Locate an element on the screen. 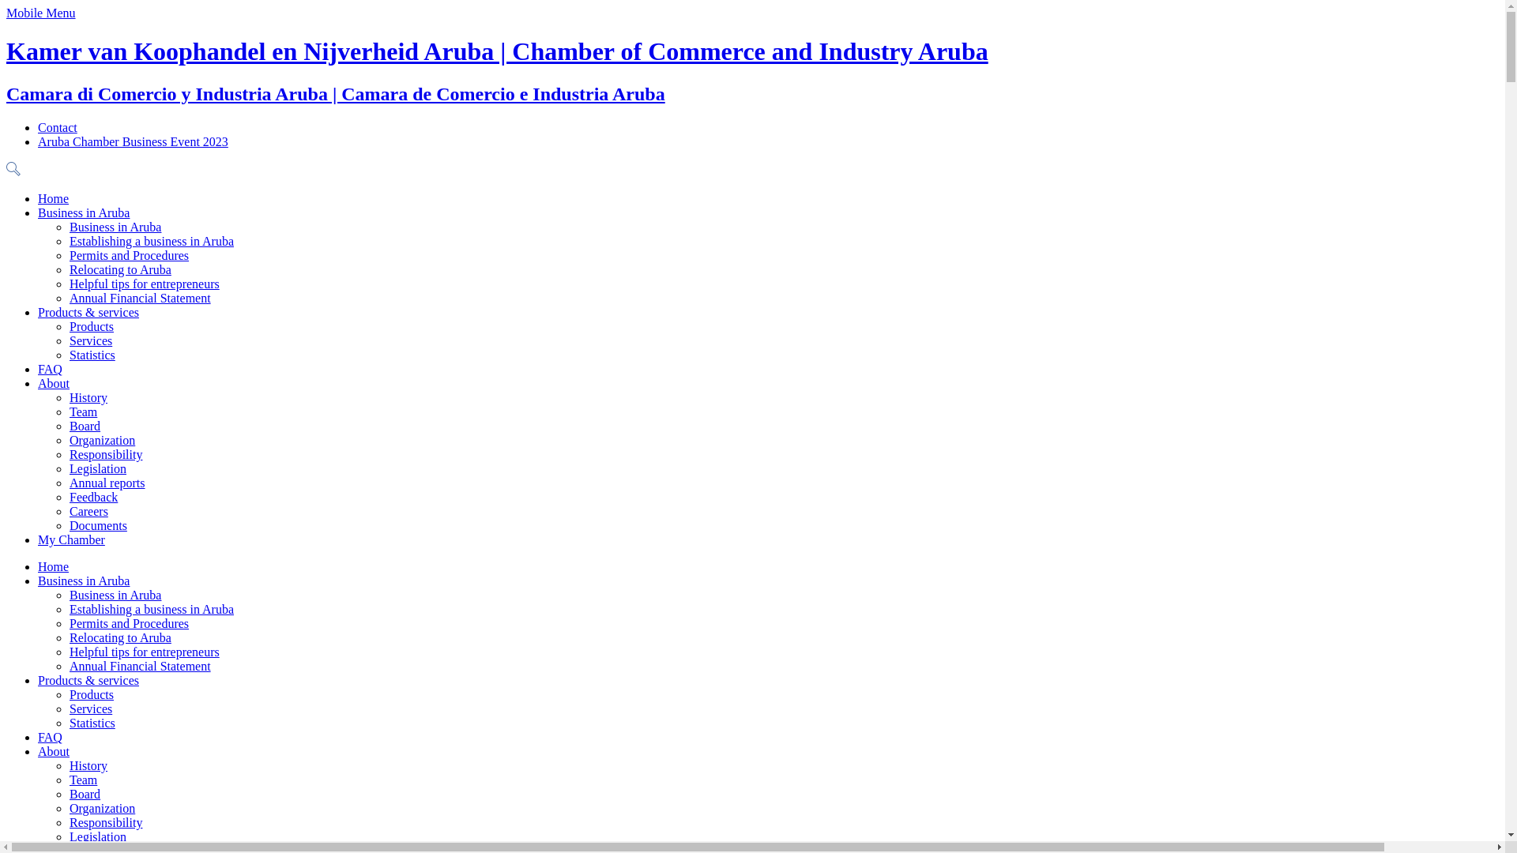 The height and width of the screenshot is (853, 1517). 'Services' is located at coordinates (68, 340).